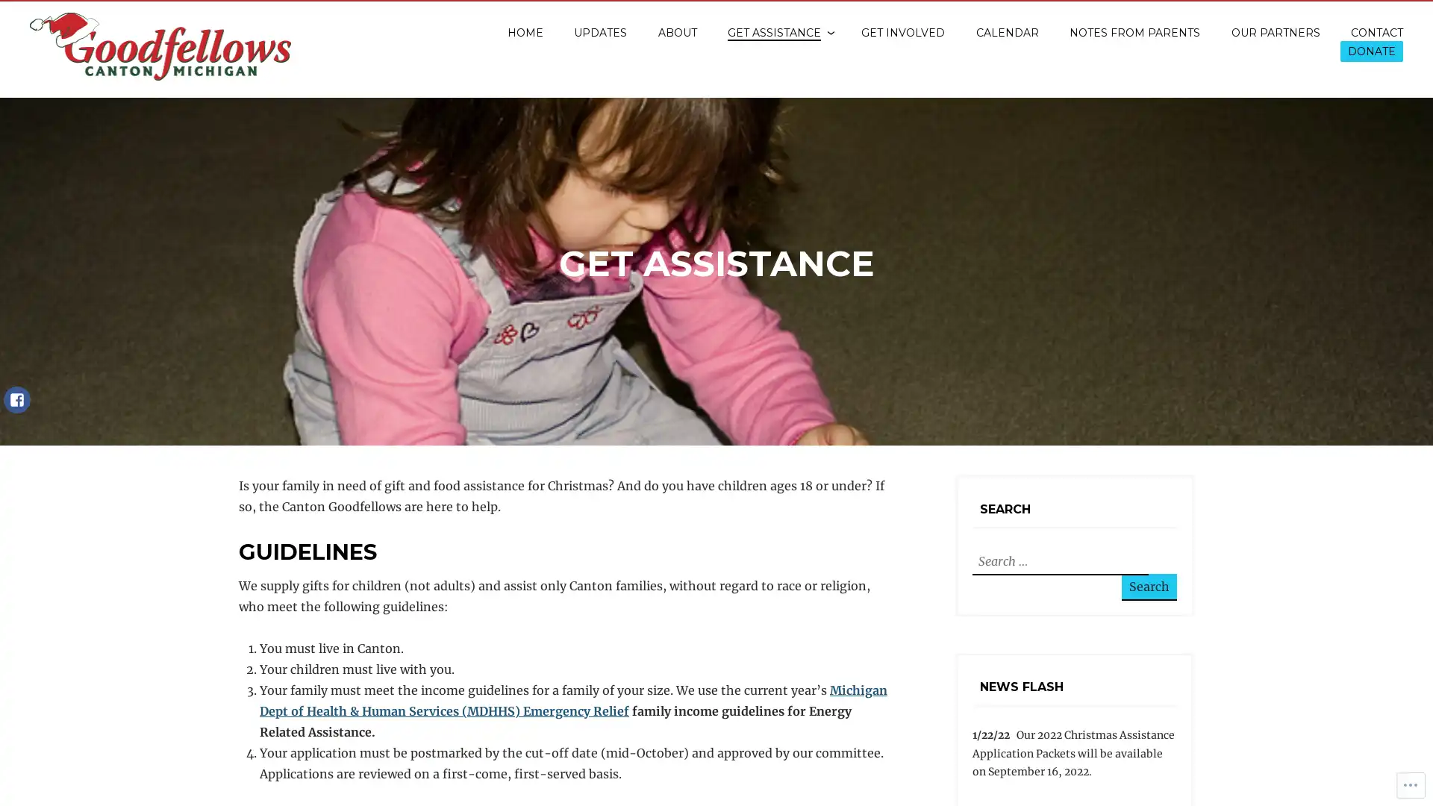 This screenshot has width=1433, height=806. What do you see at coordinates (1149, 586) in the screenshot?
I see `Search` at bounding box center [1149, 586].